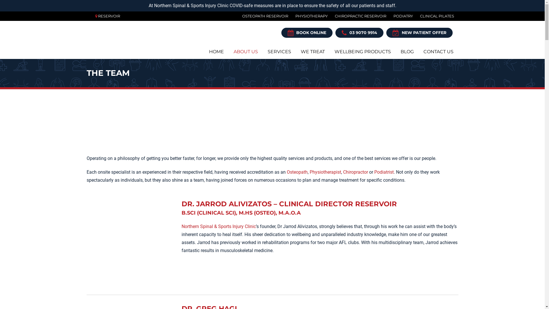 This screenshot has width=549, height=309. What do you see at coordinates (355, 172) in the screenshot?
I see `'Chiropractor'` at bounding box center [355, 172].